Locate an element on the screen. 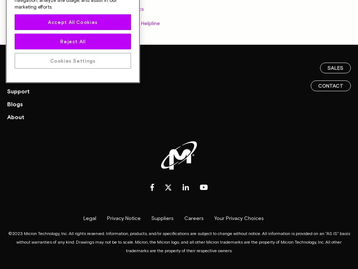  'Suppliers' is located at coordinates (162, 217).